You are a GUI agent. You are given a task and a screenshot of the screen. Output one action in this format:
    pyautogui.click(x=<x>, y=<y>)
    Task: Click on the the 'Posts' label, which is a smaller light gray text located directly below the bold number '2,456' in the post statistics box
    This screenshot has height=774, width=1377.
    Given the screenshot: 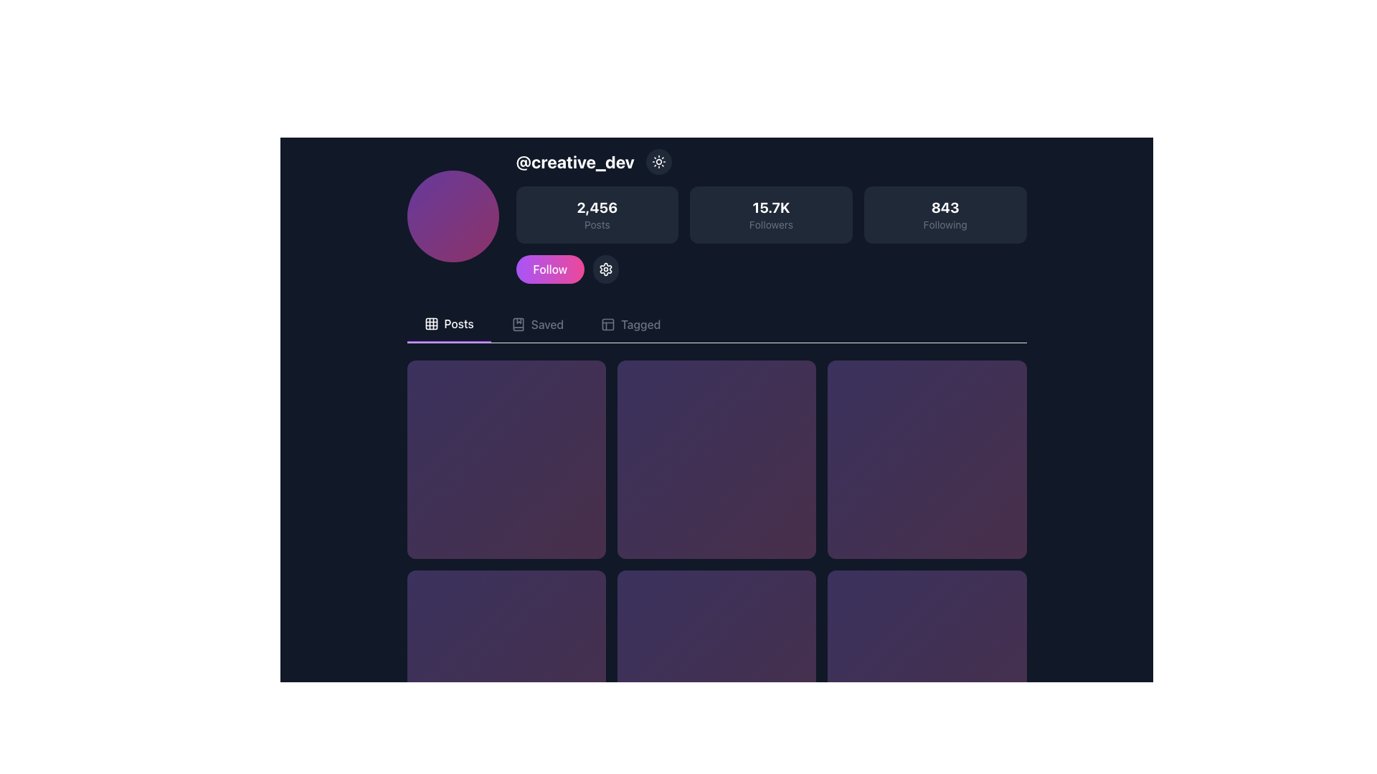 What is the action you would take?
    pyautogui.click(x=597, y=224)
    